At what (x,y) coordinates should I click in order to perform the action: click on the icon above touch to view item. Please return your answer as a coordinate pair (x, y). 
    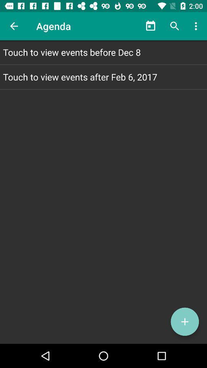
    Looking at the image, I should click on (151, 26).